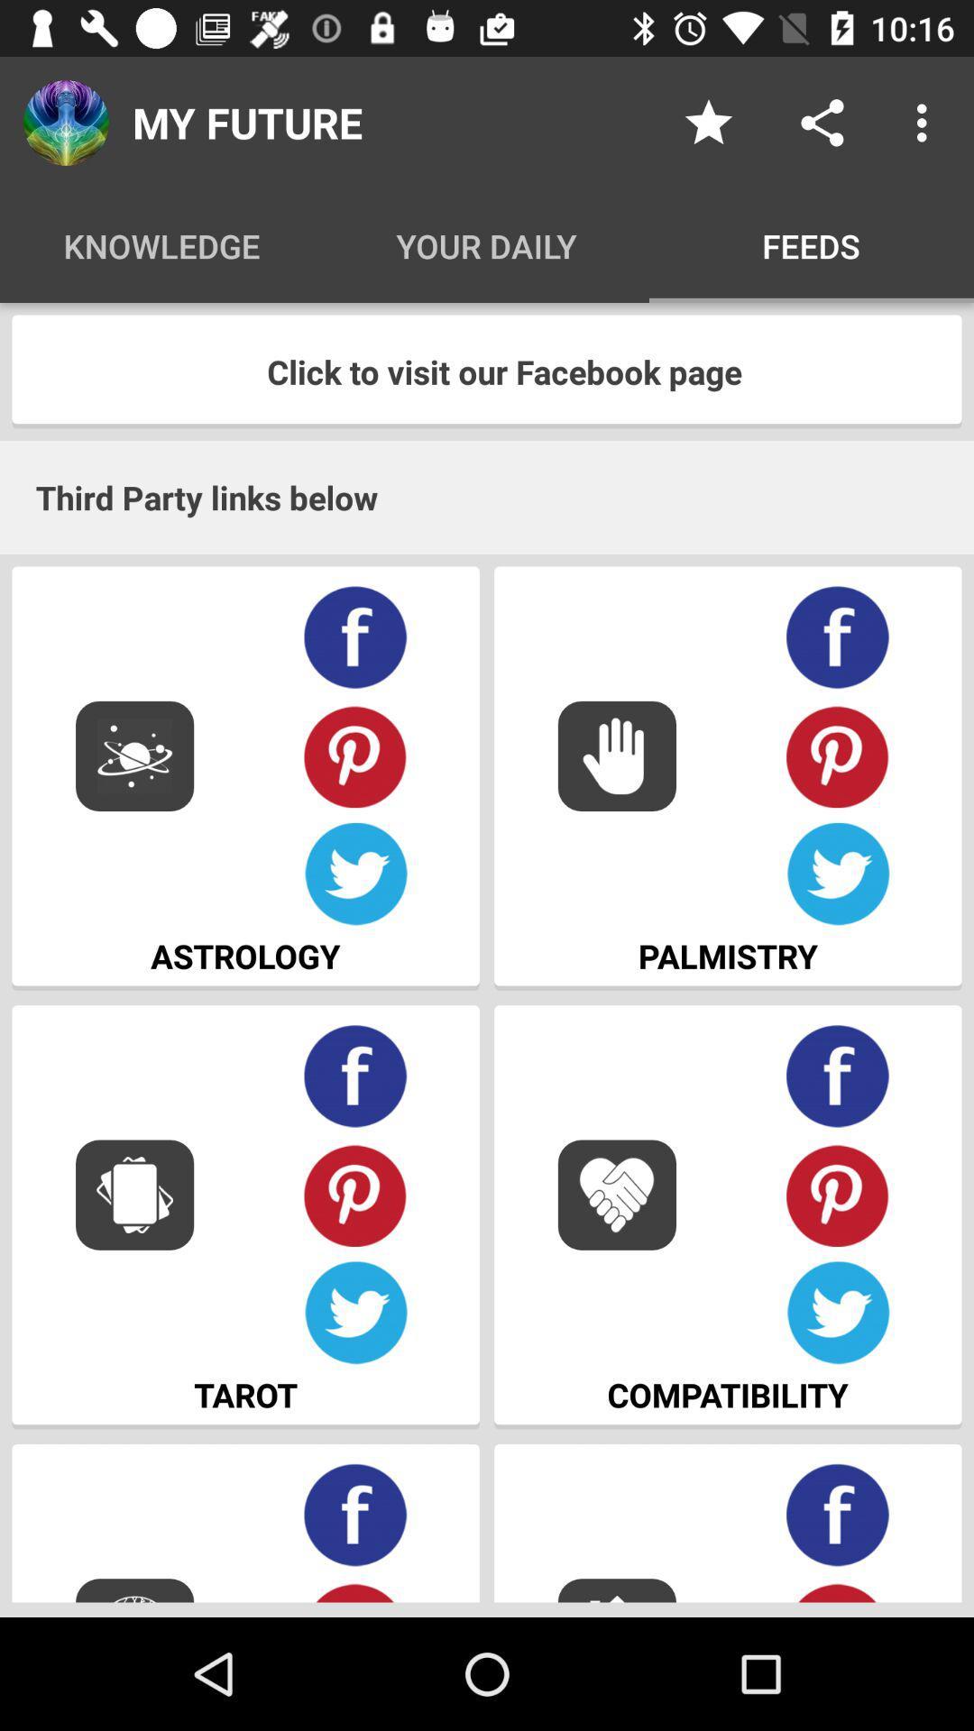  Describe the element at coordinates (355, 1313) in the screenshot. I see `share to twitter` at that location.